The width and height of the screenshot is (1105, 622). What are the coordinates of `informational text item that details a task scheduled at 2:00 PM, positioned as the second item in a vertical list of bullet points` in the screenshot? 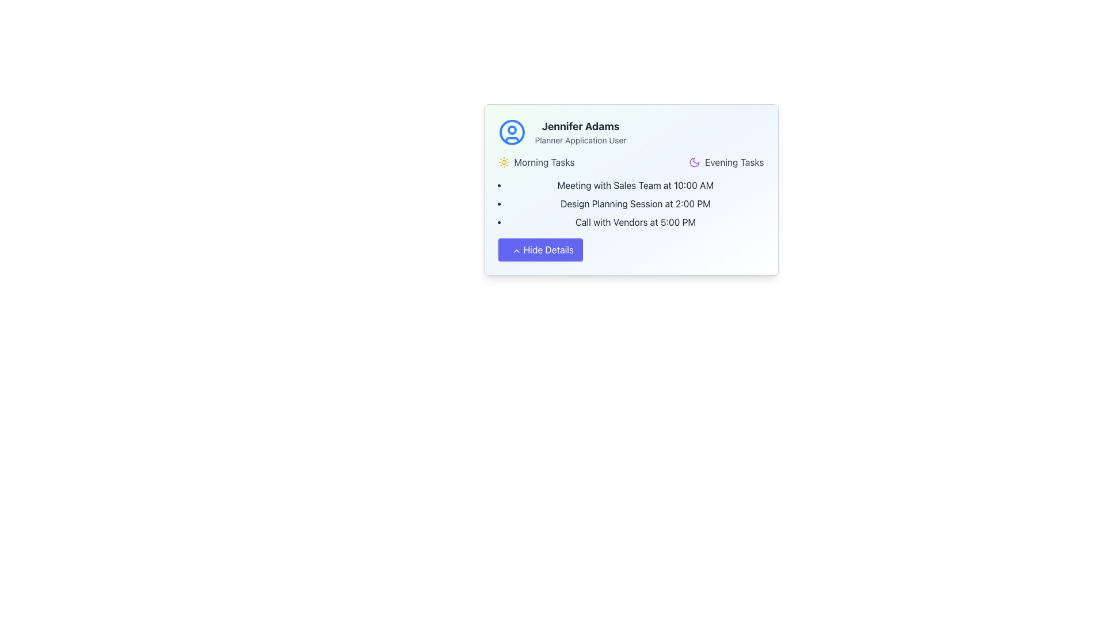 It's located at (635, 203).